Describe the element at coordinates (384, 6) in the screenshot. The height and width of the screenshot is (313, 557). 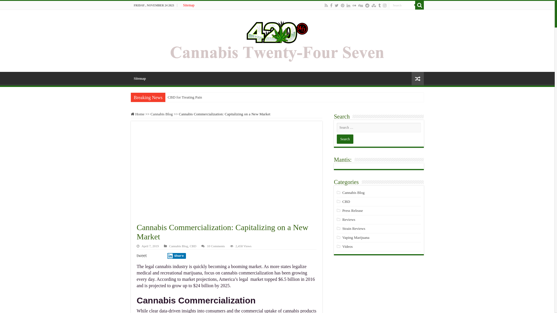
I see `'instagram'` at that location.